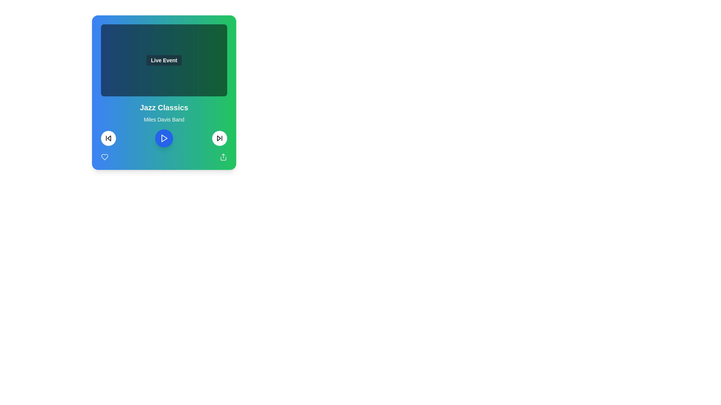 Image resolution: width=721 pixels, height=405 pixels. Describe the element at coordinates (163, 107) in the screenshot. I see `text displayed in the bold, large 'Jazz Classics' label positioned above 'Miles Davis Band' in the music card interface` at that location.